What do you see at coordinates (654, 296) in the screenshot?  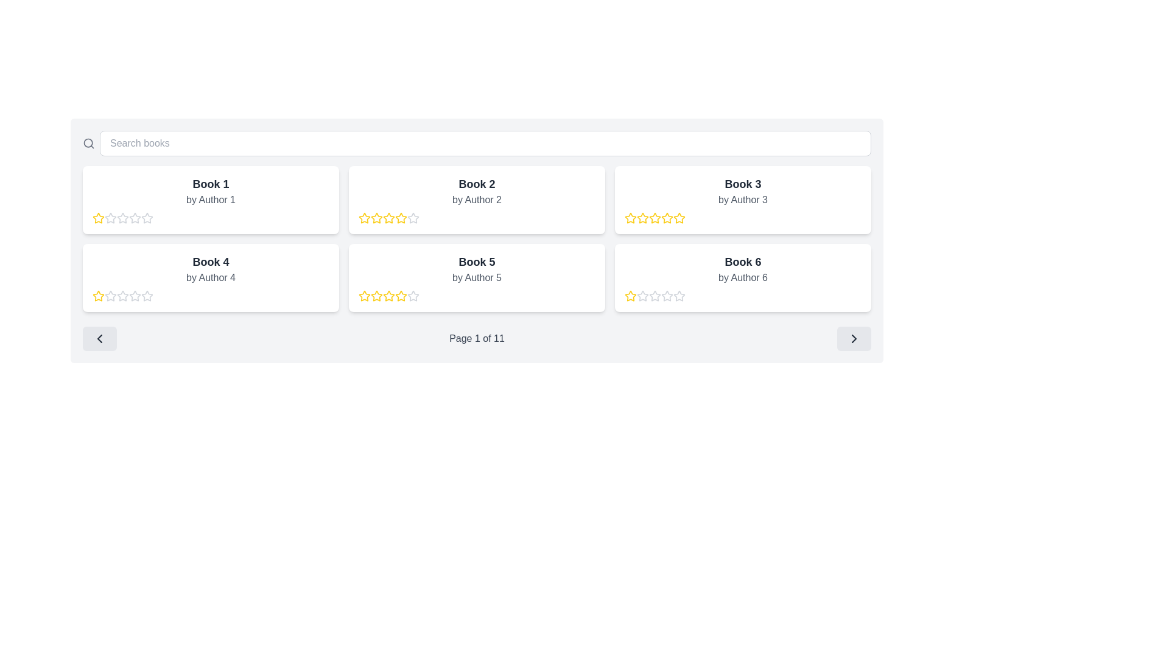 I see `the second star icon in the rating system for 'Book 6' by 'Author 6' located in the bottom right card of the page to interact with it` at bounding box center [654, 296].